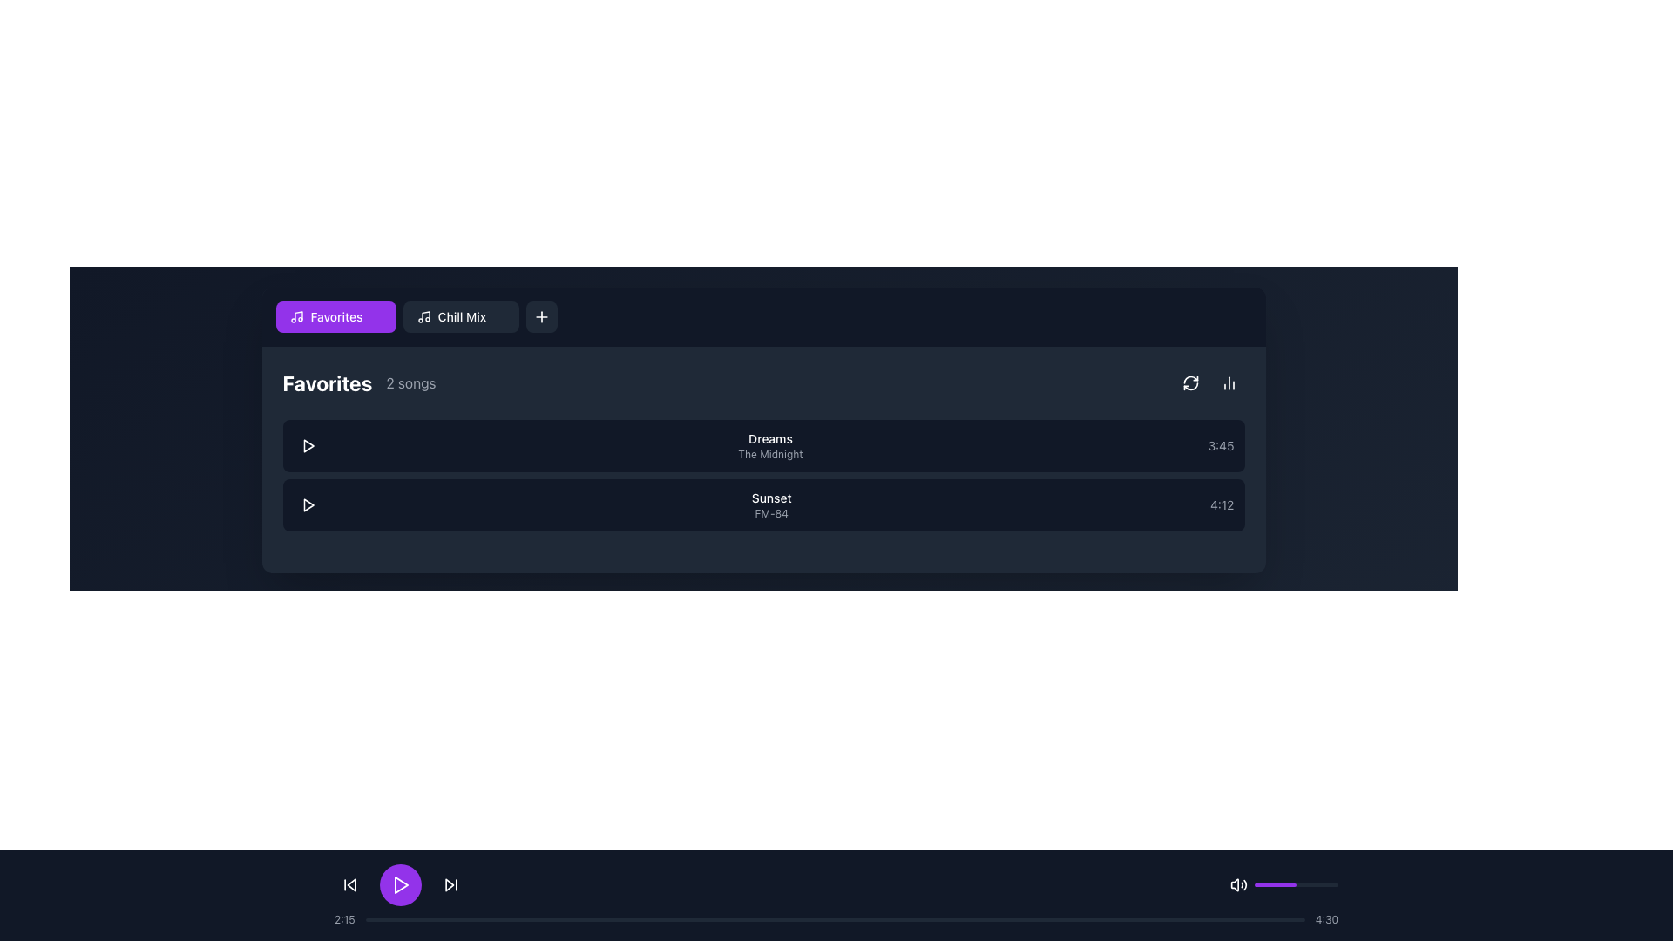 The width and height of the screenshot is (1673, 941). I want to click on the musical note icon located inside the 'Favorites' button, so click(296, 316).